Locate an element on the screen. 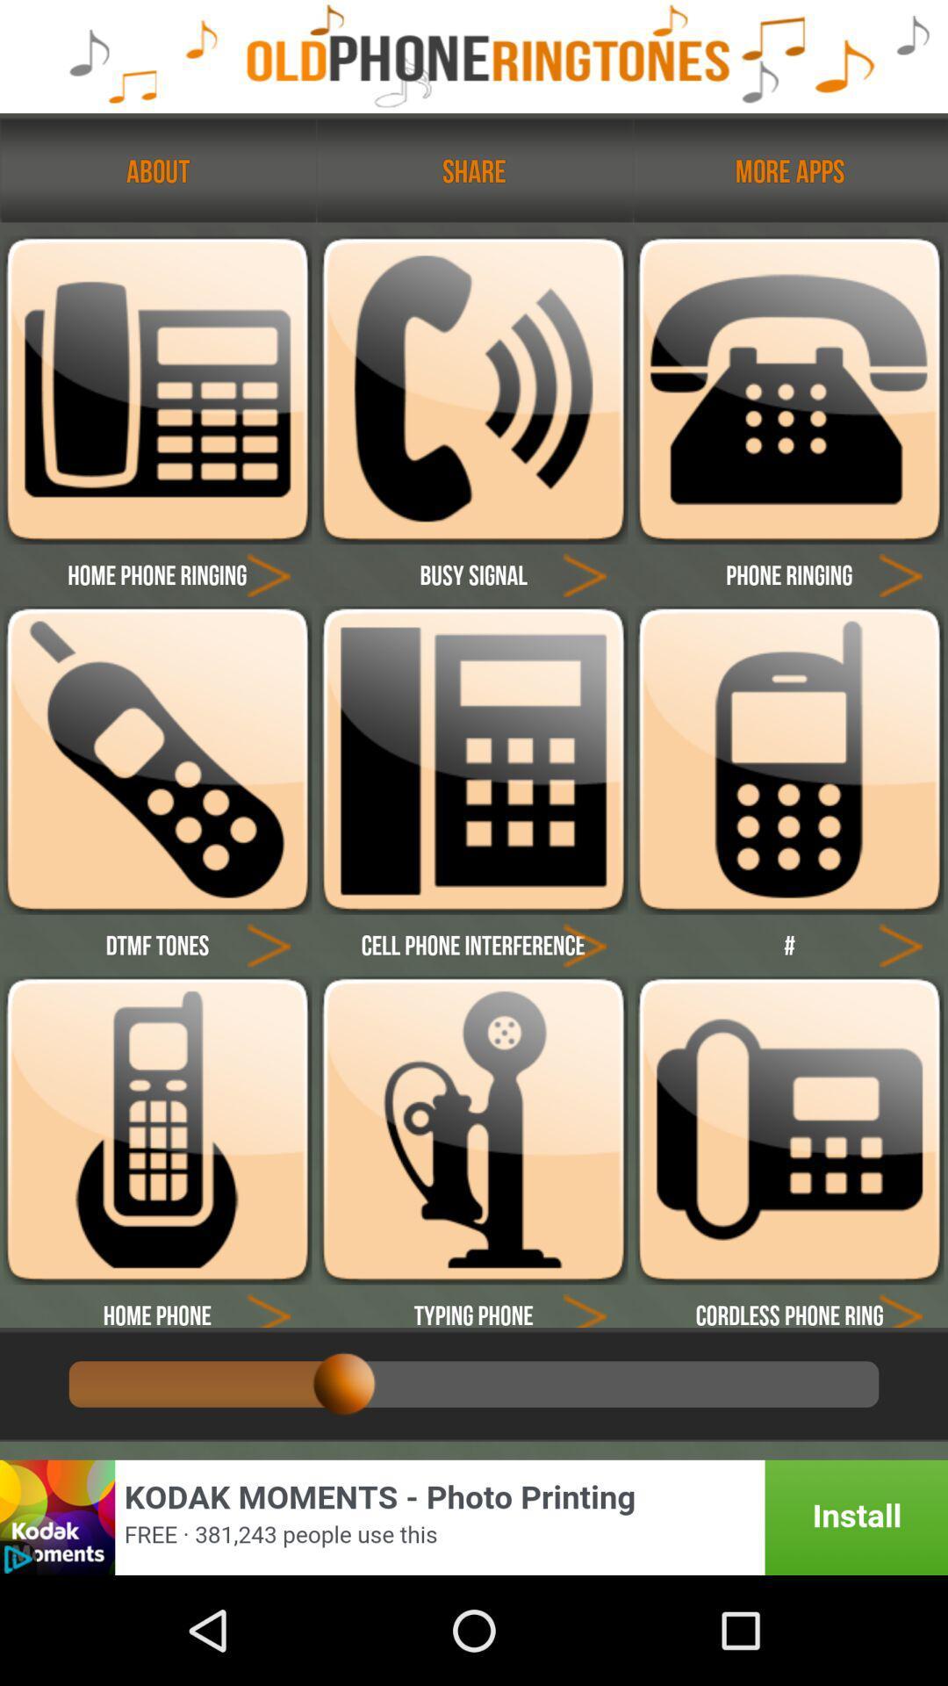 This screenshot has height=1686, width=948. previous is located at coordinates (901, 1306).